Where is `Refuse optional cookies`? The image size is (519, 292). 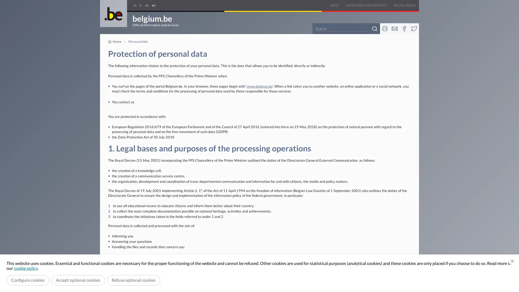
Refuse optional cookies is located at coordinates (134, 280).